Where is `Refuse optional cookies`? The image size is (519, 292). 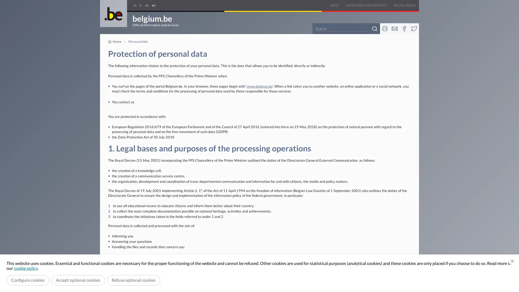
Refuse optional cookies is located at coordinates (134, 280).